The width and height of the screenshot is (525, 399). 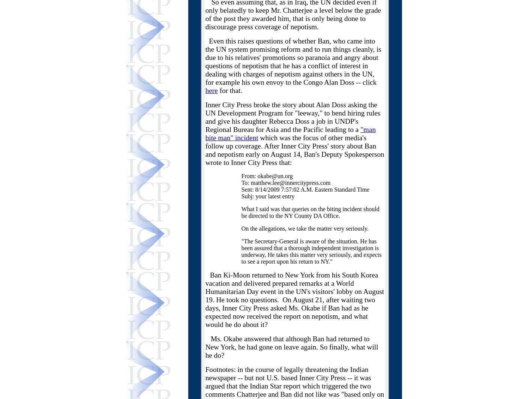 What do you see at coordinates (290, 133) in the screenshot?
I see `'"man bite
man" incident'` at bounding box center [290, 133].